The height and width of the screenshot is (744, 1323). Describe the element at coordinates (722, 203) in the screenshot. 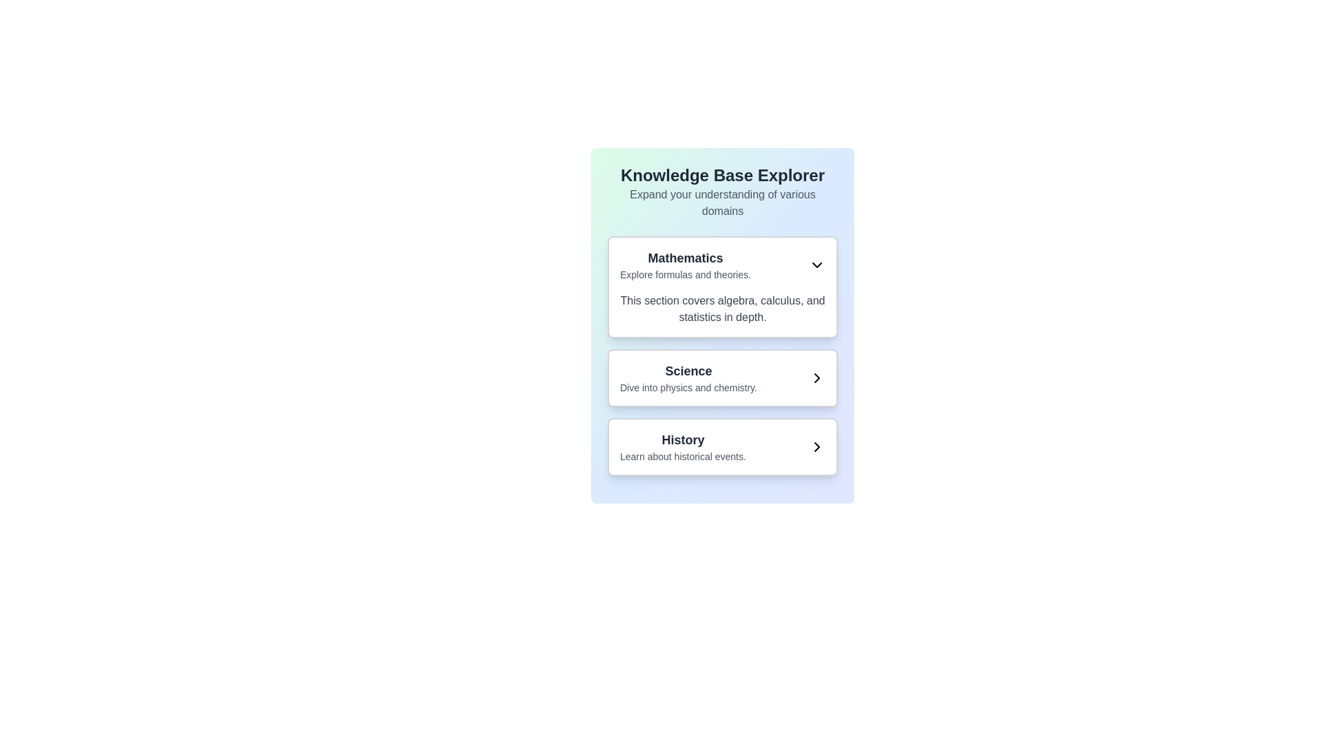

I see `the static text element displaying 'Expand your understanding of various domains', which is located directly below the 'Knowledge Base Explorer' title` at that location.